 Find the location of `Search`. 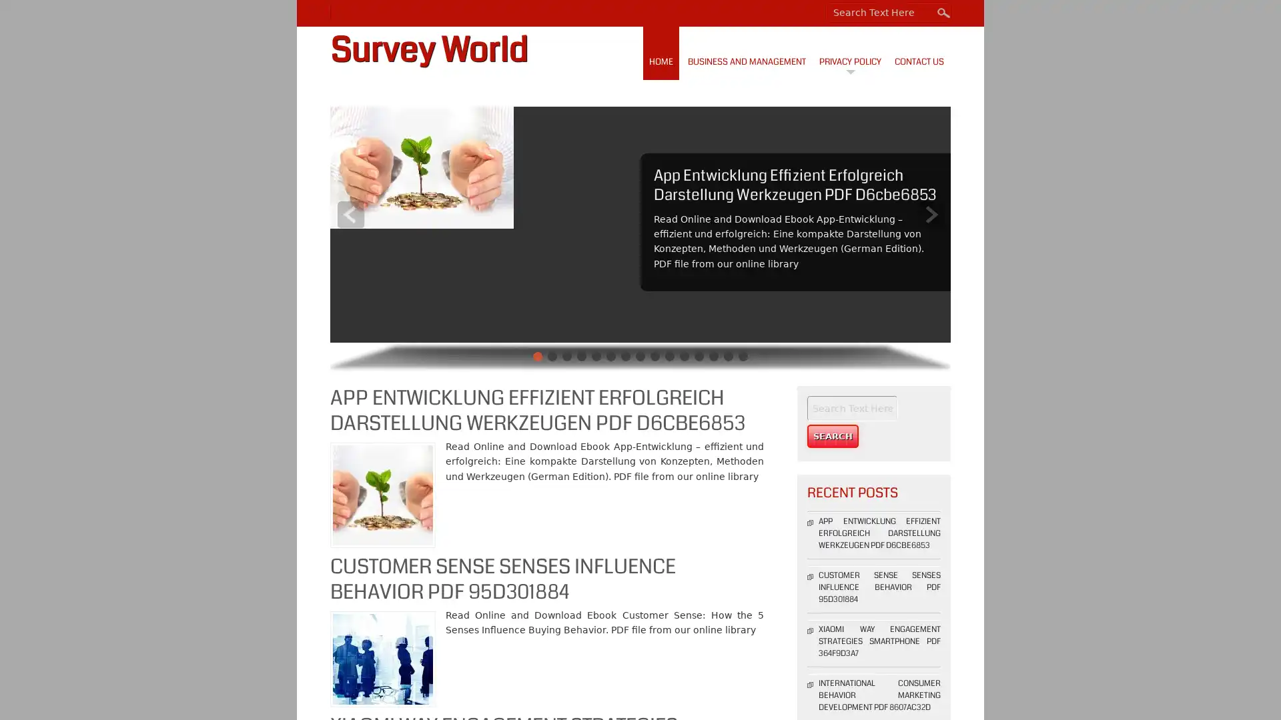

Search is located at coordinates (832, 436).